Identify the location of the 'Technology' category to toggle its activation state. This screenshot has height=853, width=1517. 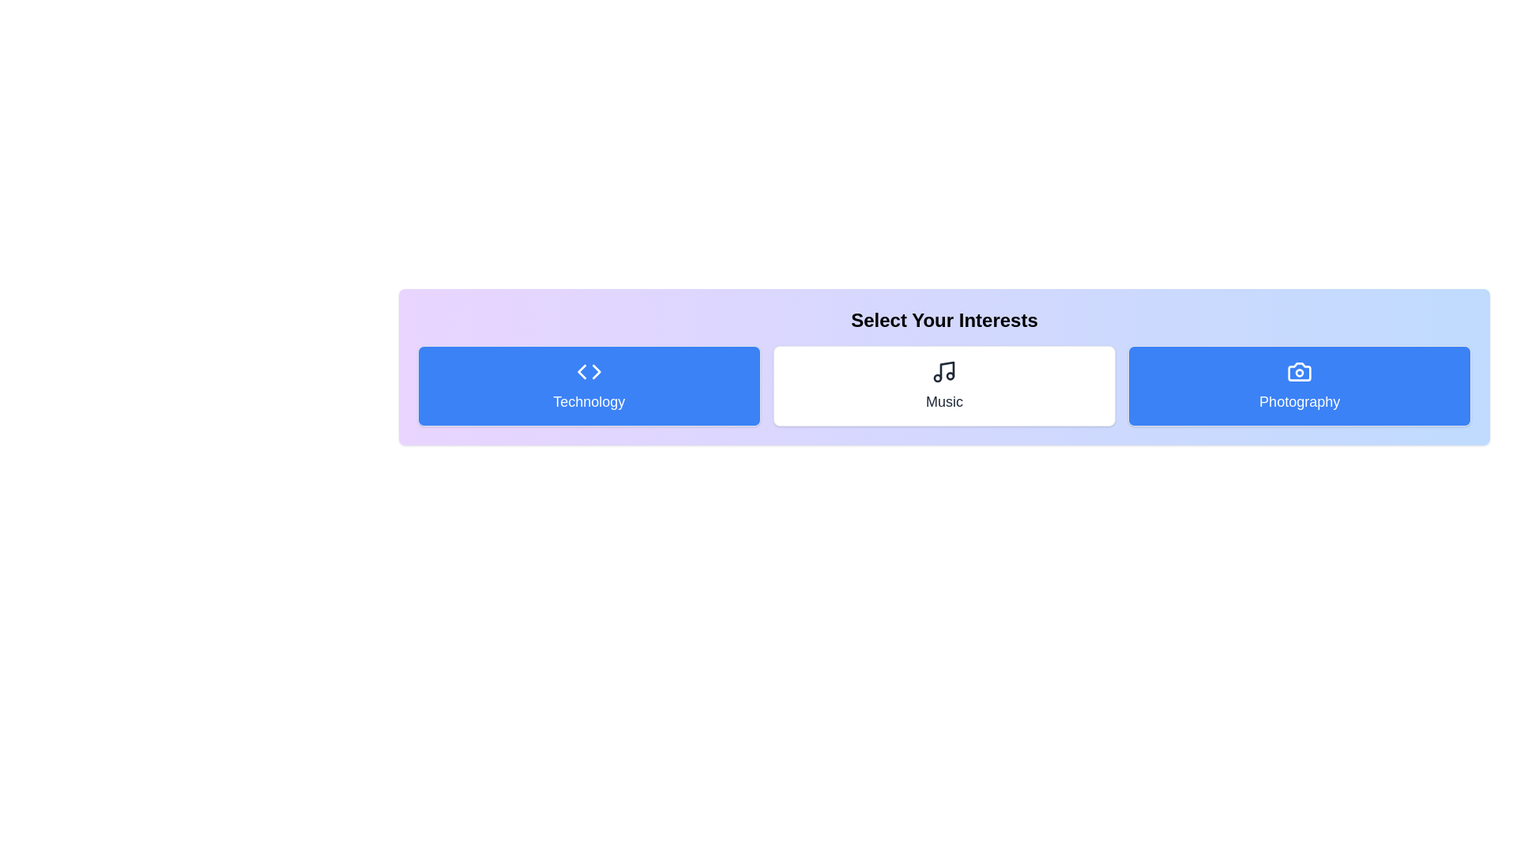
(588, 386).